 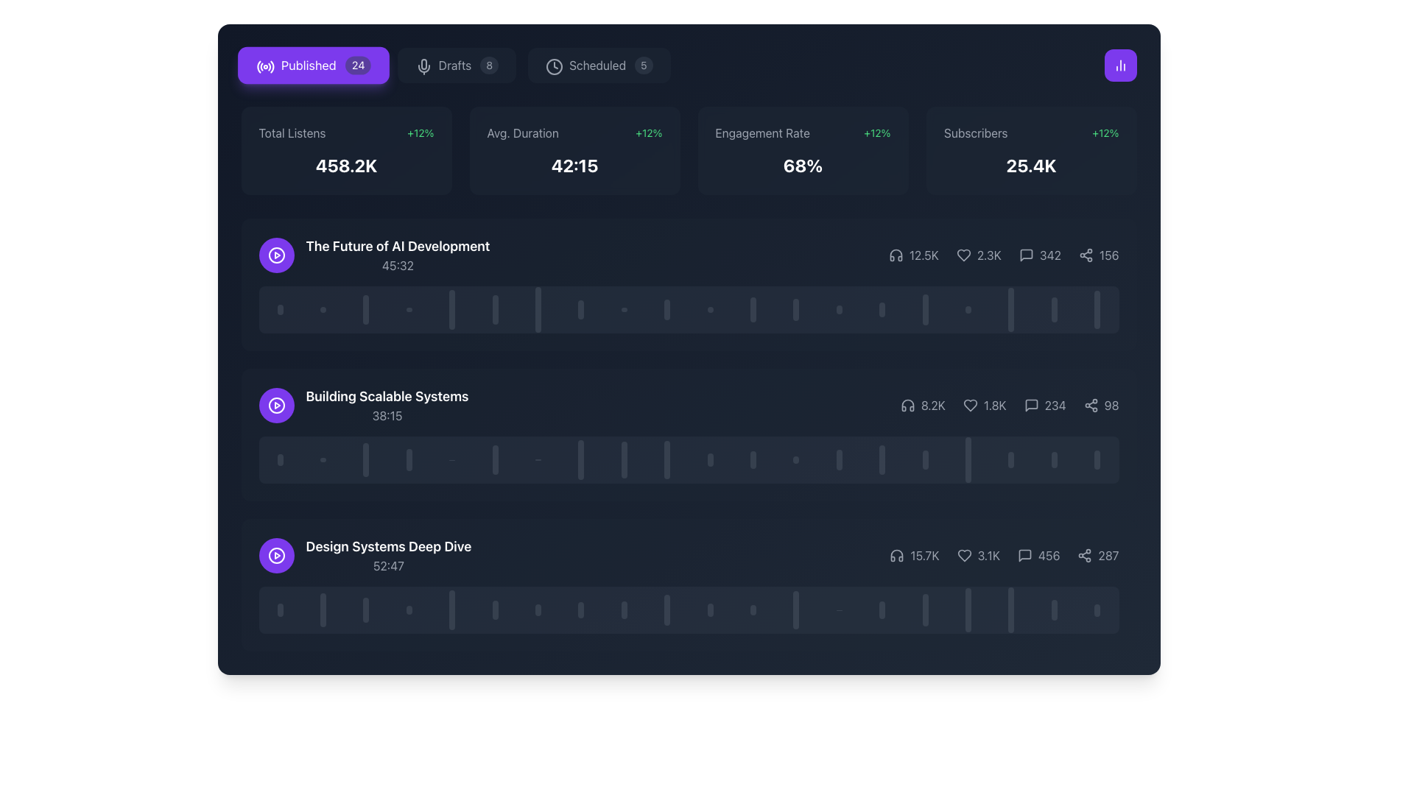 I want to click on the fifteenth vertical progress bar with rounded edges, which is part of a sequence under 'The Future of AI Development.', so click(x=882, y=308).